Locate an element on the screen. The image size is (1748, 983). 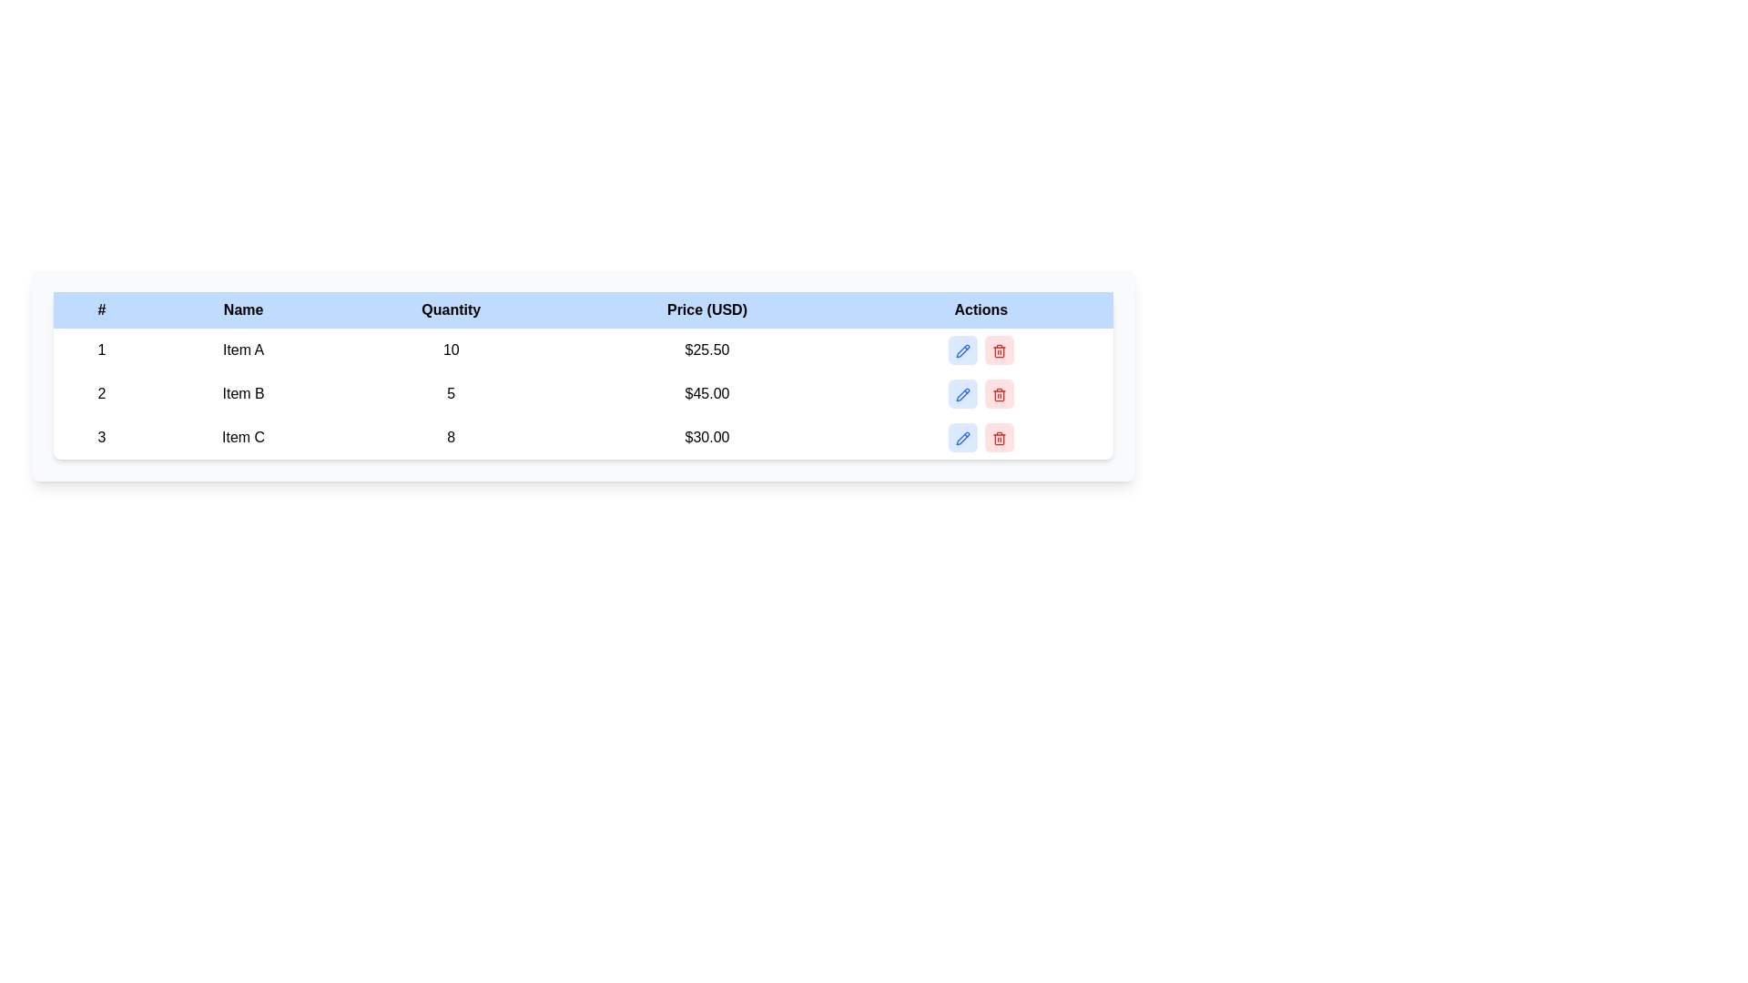
the edit action icon located in the third column of the first row of the table to trigger a tooltip if present is located at coordinates (961, 350).